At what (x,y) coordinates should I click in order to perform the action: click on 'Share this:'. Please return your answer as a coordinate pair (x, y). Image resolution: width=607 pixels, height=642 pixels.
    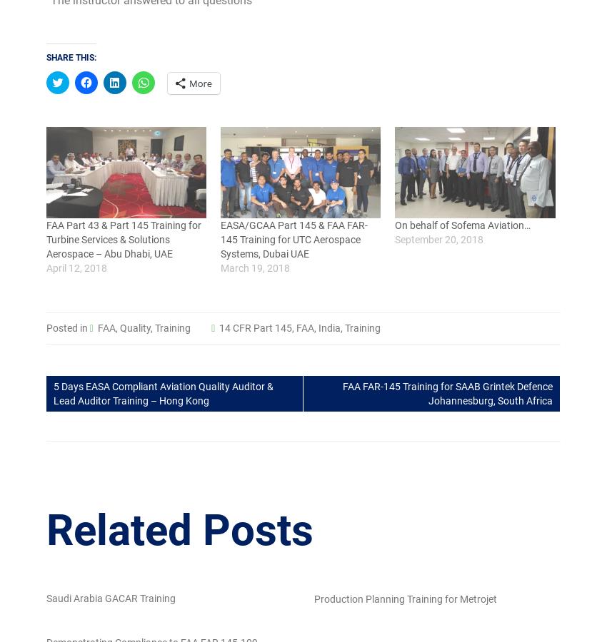
    Looking at the image, I should click on (70, 57).